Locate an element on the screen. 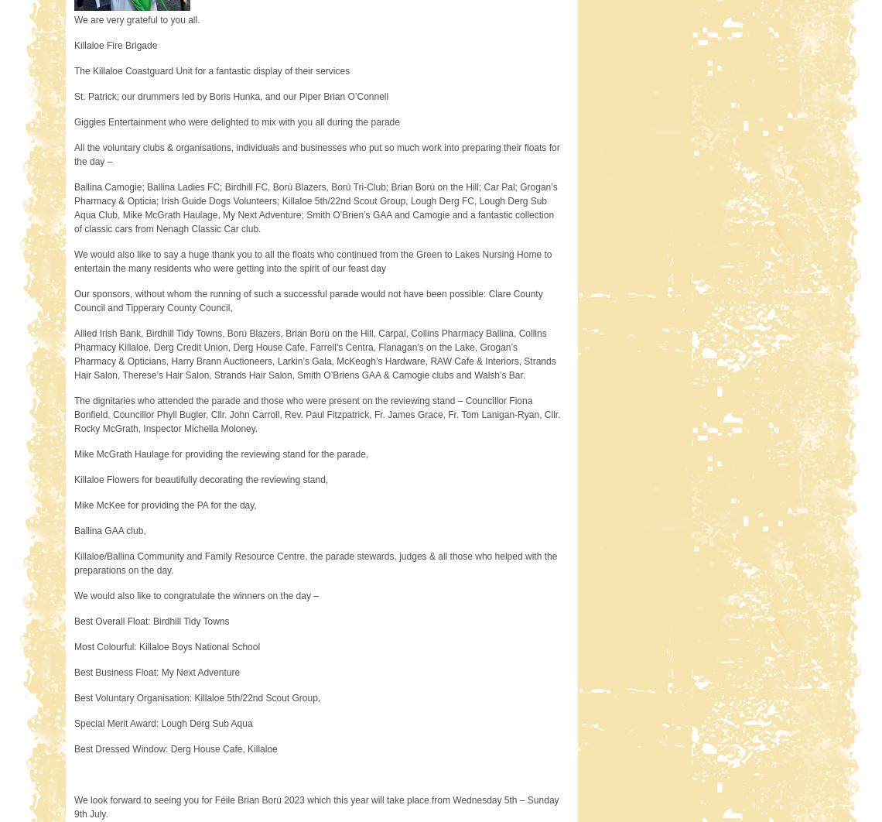 This screenshot has height=822, width=882. 'Our sponsors, without whom the running of such a successful parade would not have been possible: Clare County Council and Tipperary County Council,' is located at coordinates (307, 300).